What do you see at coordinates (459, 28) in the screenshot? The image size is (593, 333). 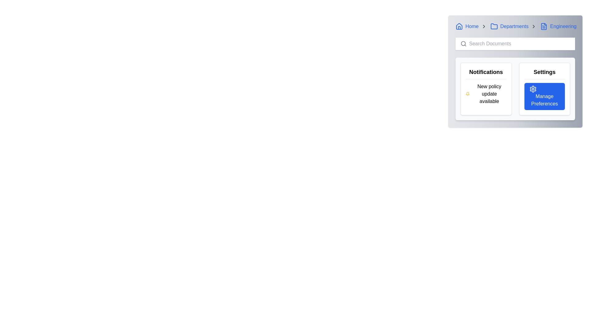 I see `the vertical rectangle with rounded ends that forms part of the house icon, located in the top left corner of the interface` at bounding box center [459, 28].